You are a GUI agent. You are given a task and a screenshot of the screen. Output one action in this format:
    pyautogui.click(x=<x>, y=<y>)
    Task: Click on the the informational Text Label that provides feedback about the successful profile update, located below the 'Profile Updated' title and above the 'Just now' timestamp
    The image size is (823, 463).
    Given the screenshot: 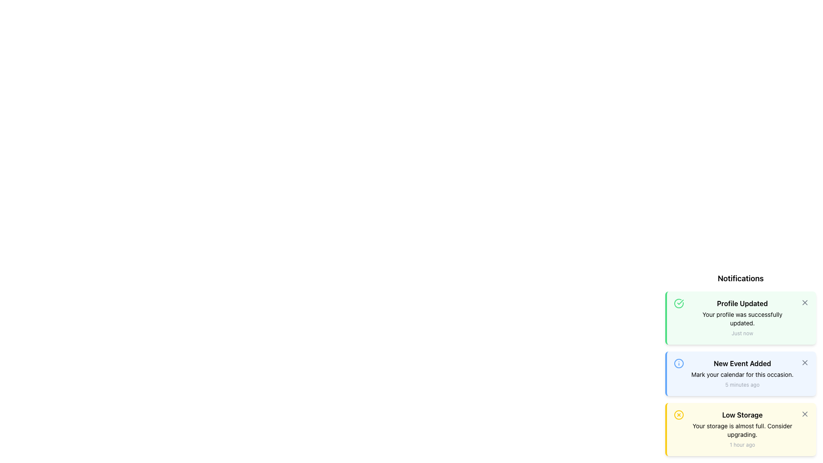 What is the action you would take?
    pyautogui.click(x=742, y=319)
    